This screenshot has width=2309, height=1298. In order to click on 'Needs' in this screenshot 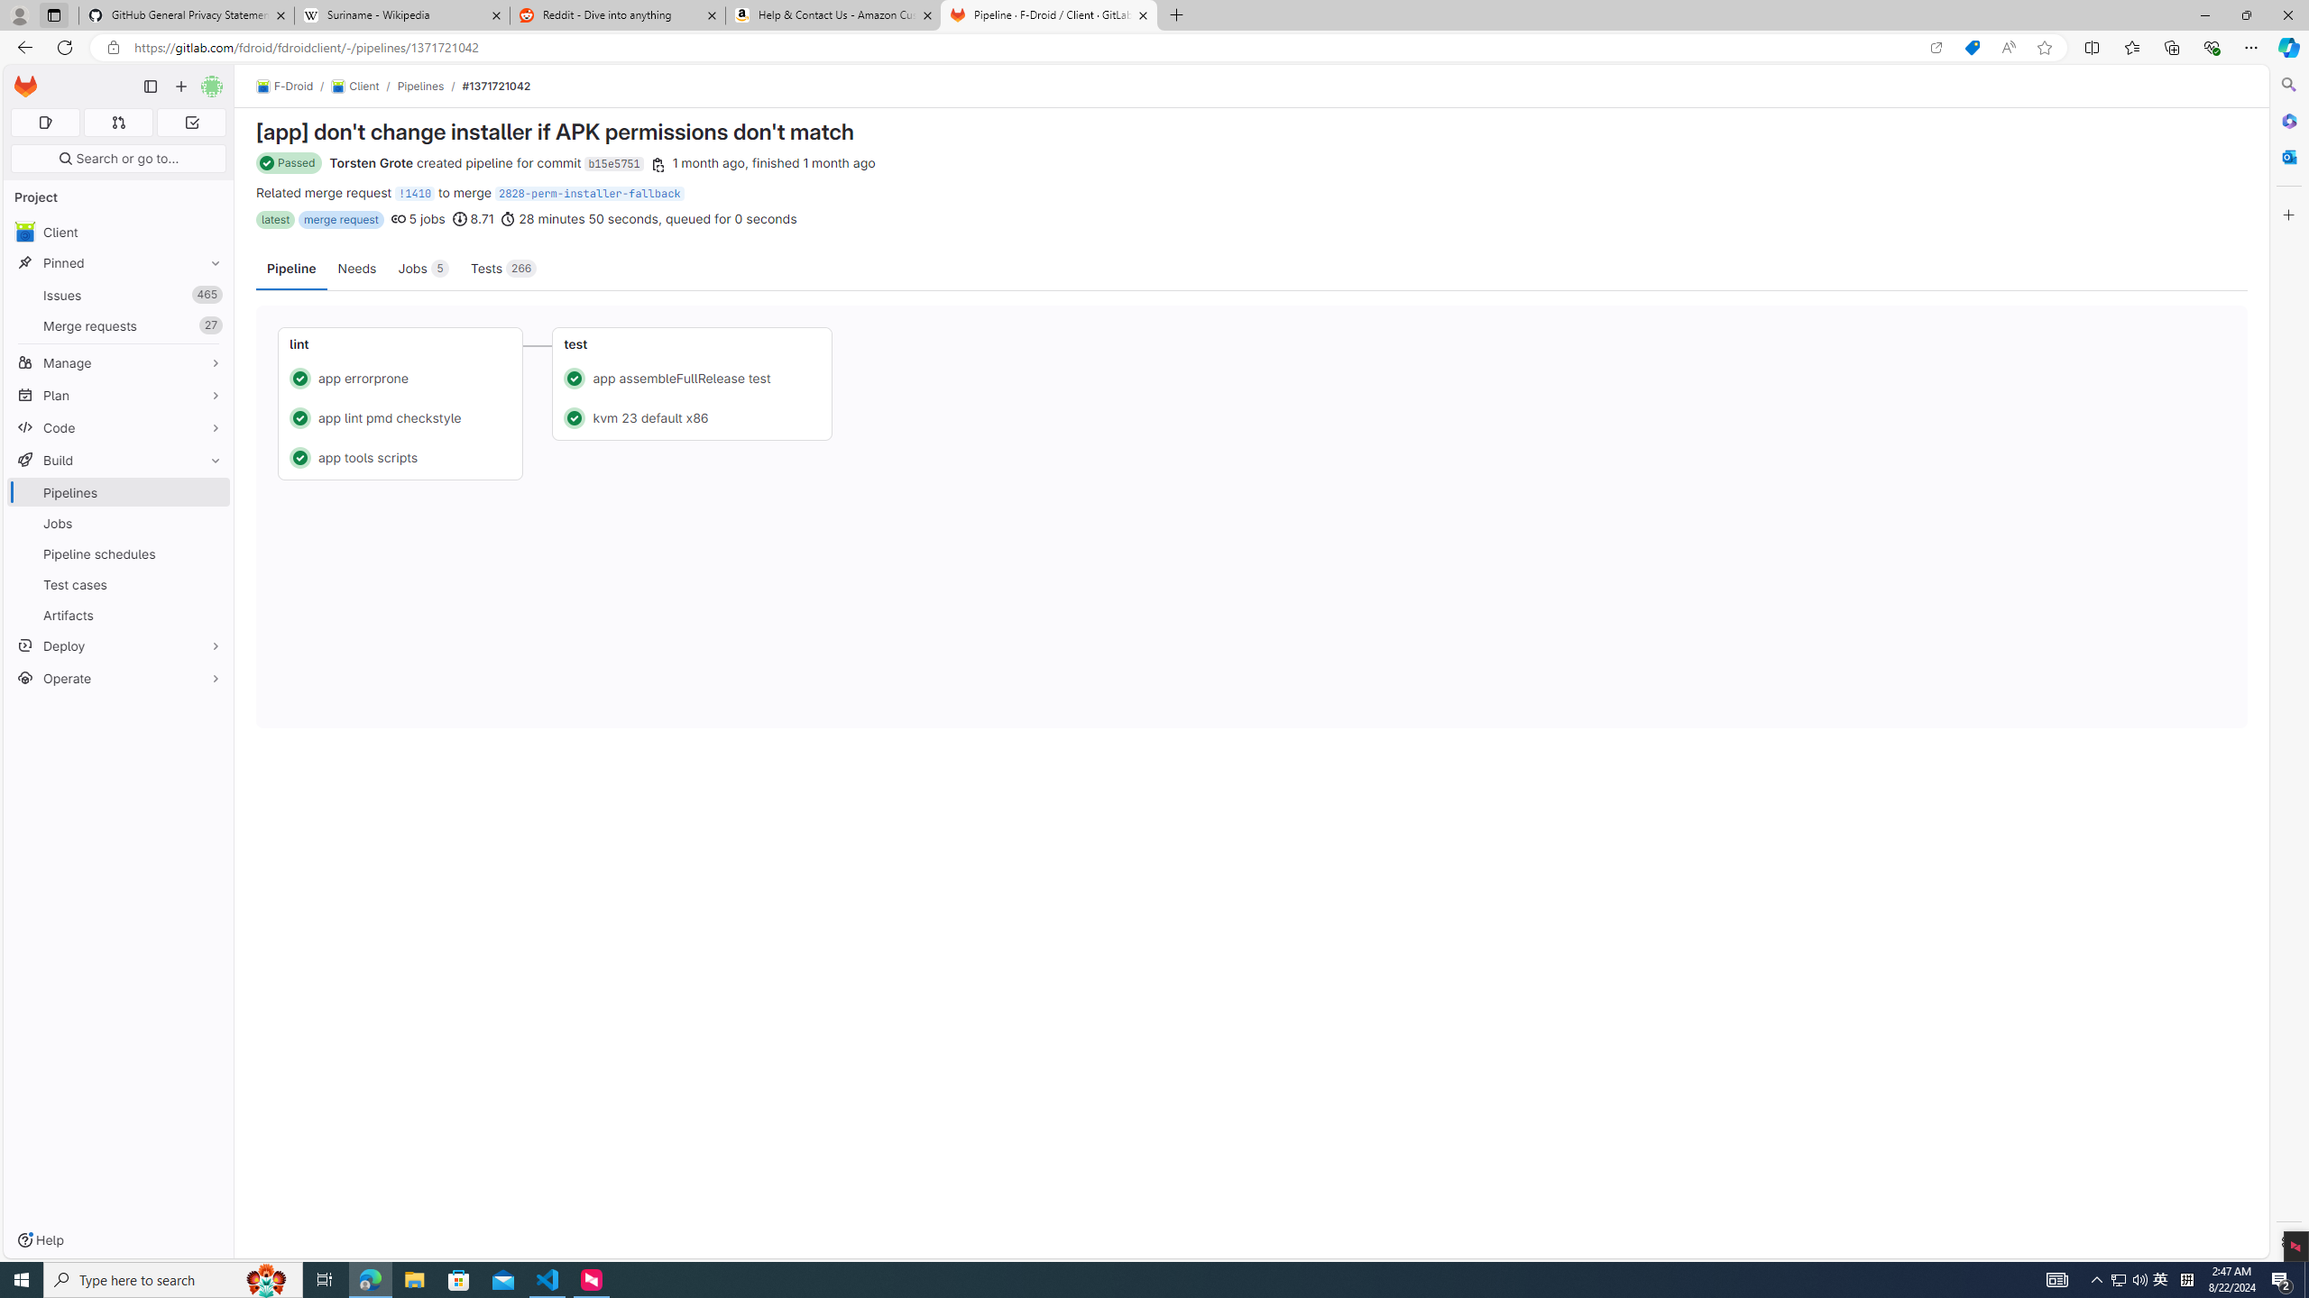, I will do `click(356, 269)`.